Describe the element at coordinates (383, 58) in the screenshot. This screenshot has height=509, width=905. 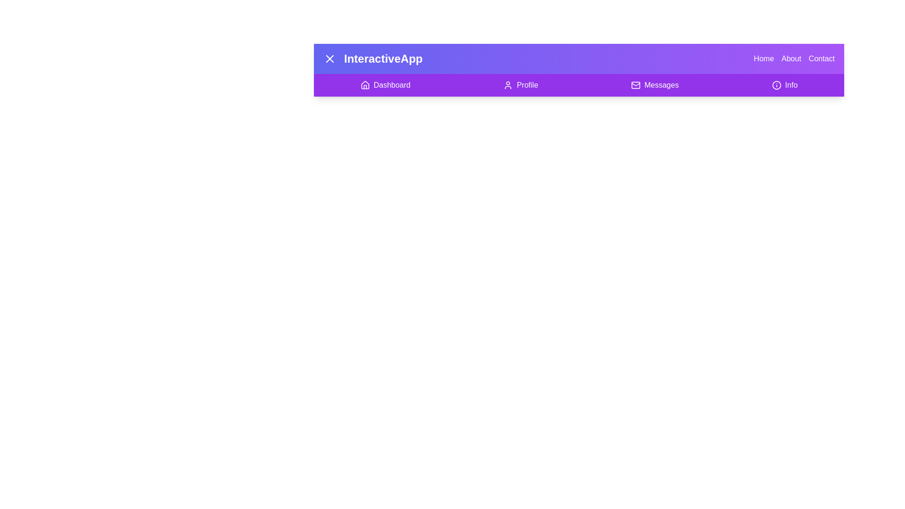
I see `the title text 'InteractiveApp' to interact with the app name` at that location.